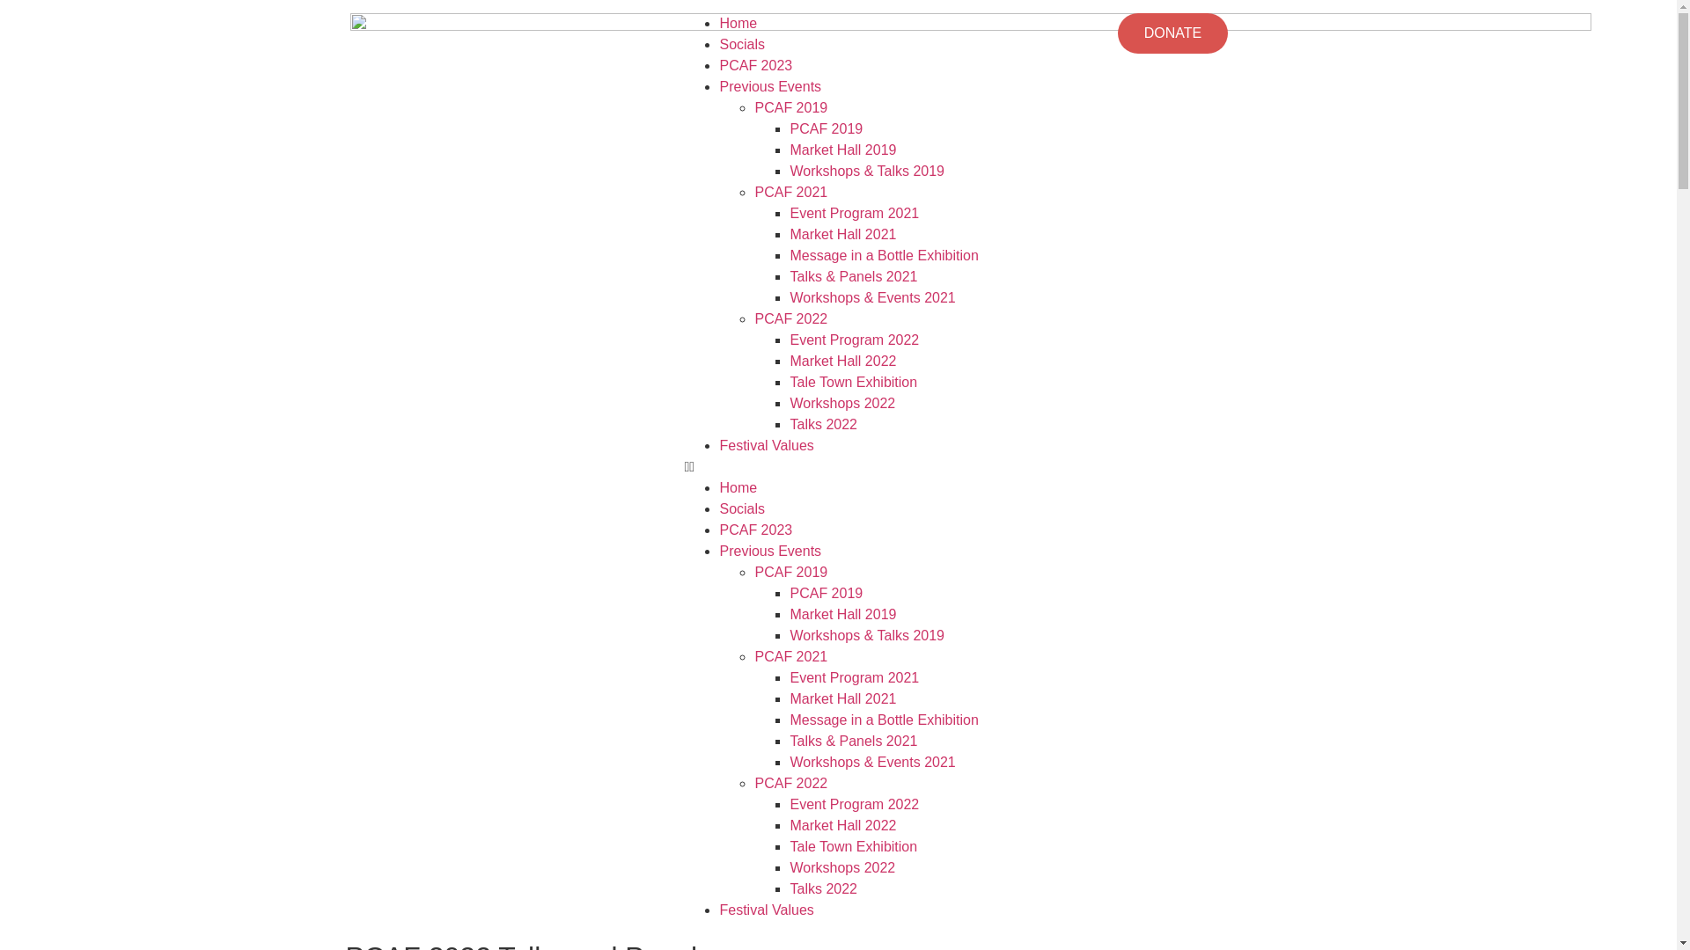 The width and height of the screenshot is (1690, 950). What do you see at coordinates (866, 635) in the screenshot?
I see `'Workshops & Talks 2019'` at bounding box center [866, 635].